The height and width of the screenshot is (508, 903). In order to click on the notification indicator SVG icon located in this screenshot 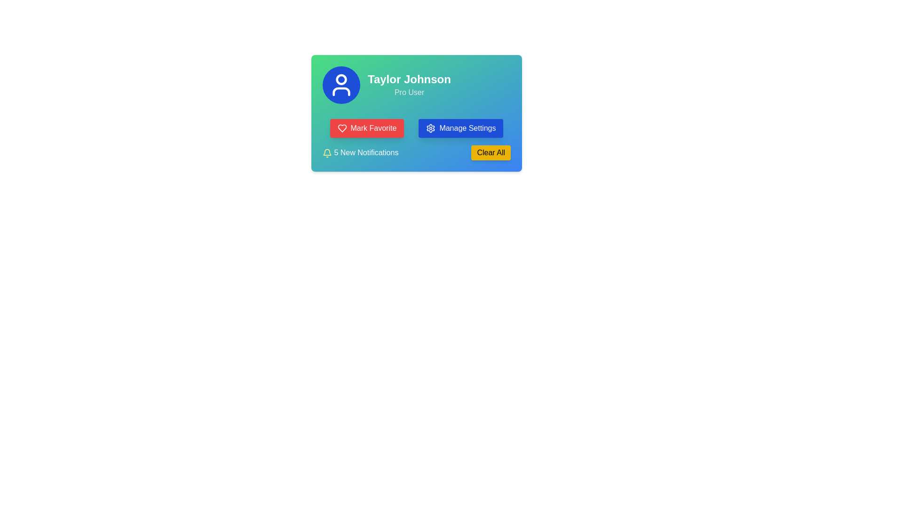, I will do `click(327, 151)`.